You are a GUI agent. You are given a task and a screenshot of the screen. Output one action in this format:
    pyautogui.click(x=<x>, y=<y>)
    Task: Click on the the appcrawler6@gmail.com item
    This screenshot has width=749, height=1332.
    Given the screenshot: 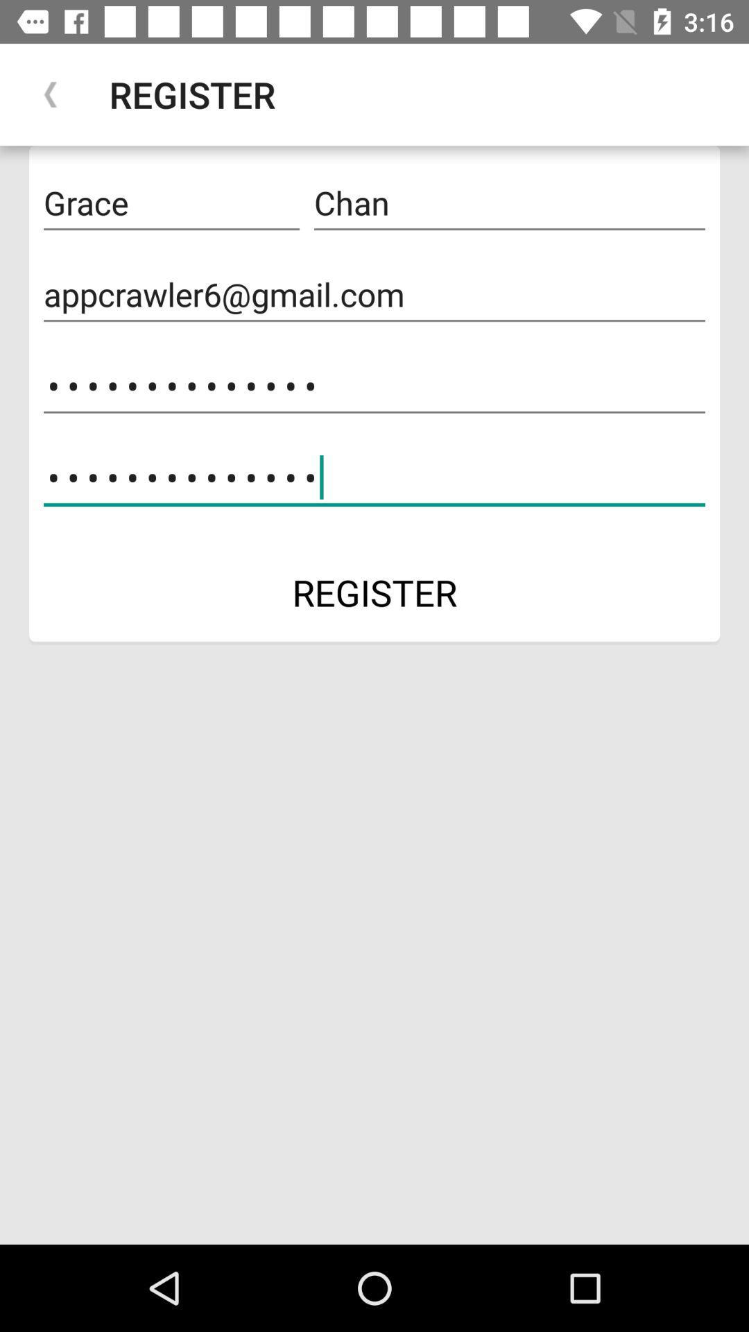 What is the action you would take?
    pyautogui.click(x=374, y=294)
    